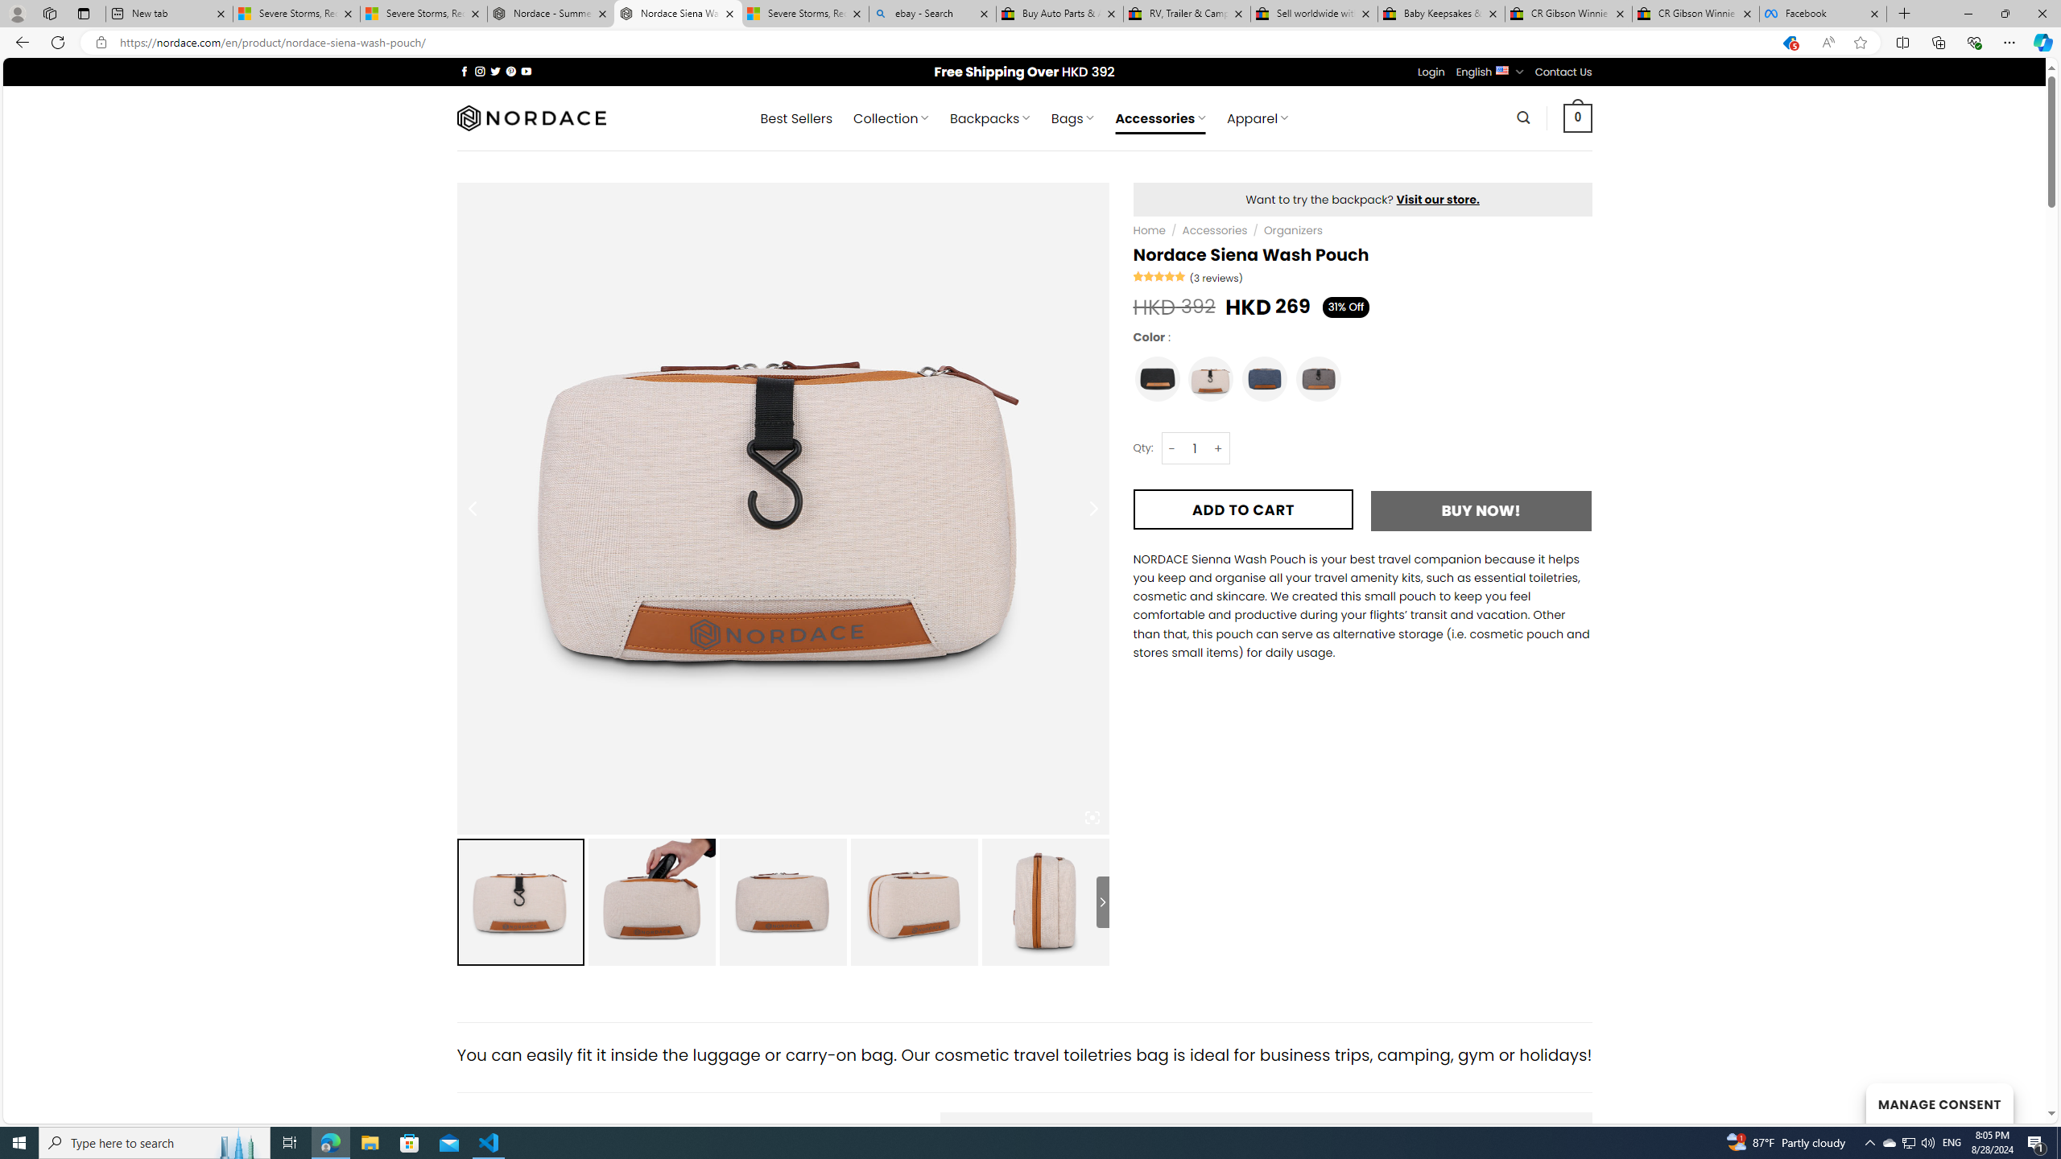 The width and height of the screenshot is (2061, 1159). What do you see at coordinates (1822, 13) in the screenshot?
I see `'Facebook'` at bounding box center [1822, 13].